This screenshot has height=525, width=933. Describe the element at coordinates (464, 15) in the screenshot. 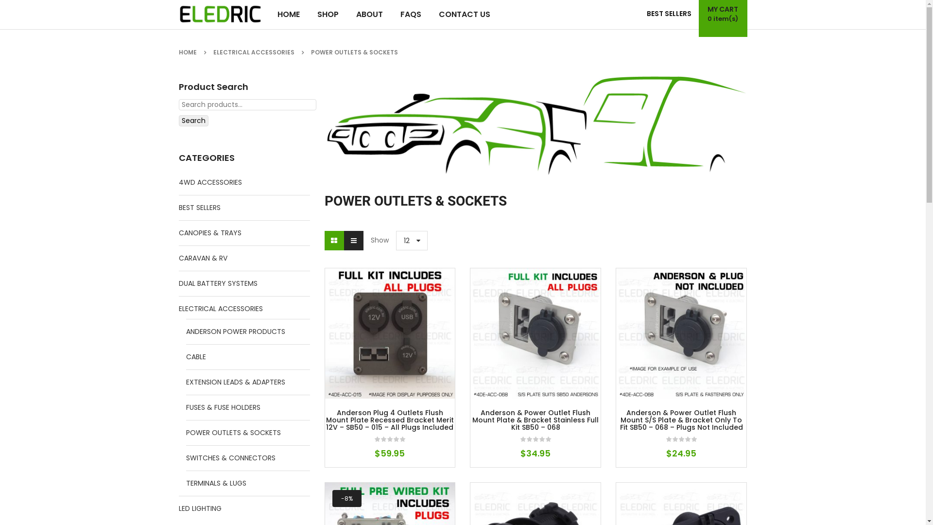

I see `'CONTACT US'` at that location.